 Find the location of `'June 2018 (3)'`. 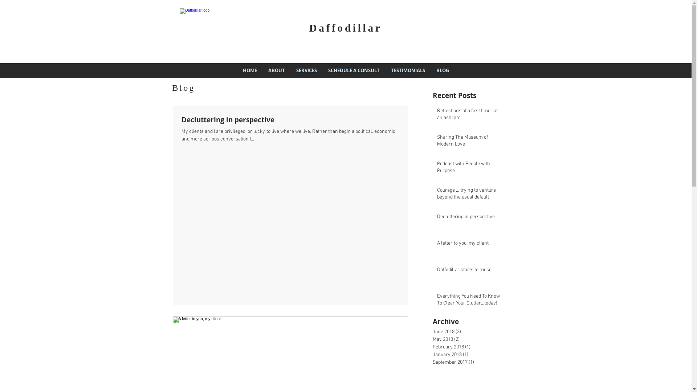

'June 2018 (3)' is located at coordinates (470, 332).